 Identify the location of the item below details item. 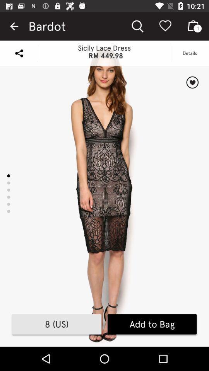
(192, 82).